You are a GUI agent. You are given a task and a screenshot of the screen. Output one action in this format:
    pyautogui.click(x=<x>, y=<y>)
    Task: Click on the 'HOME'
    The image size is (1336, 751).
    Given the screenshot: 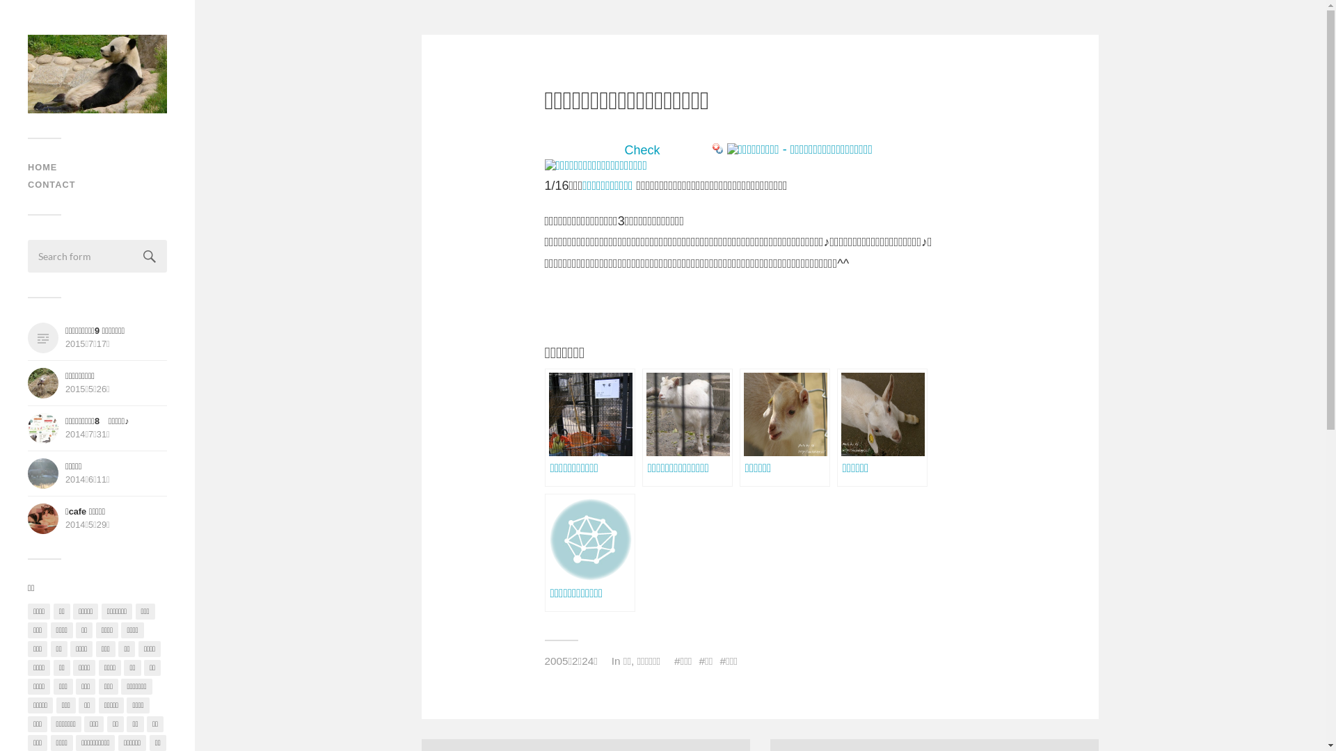 What is the action you would take?
    pyautogui.click(x=27, y=165)
    